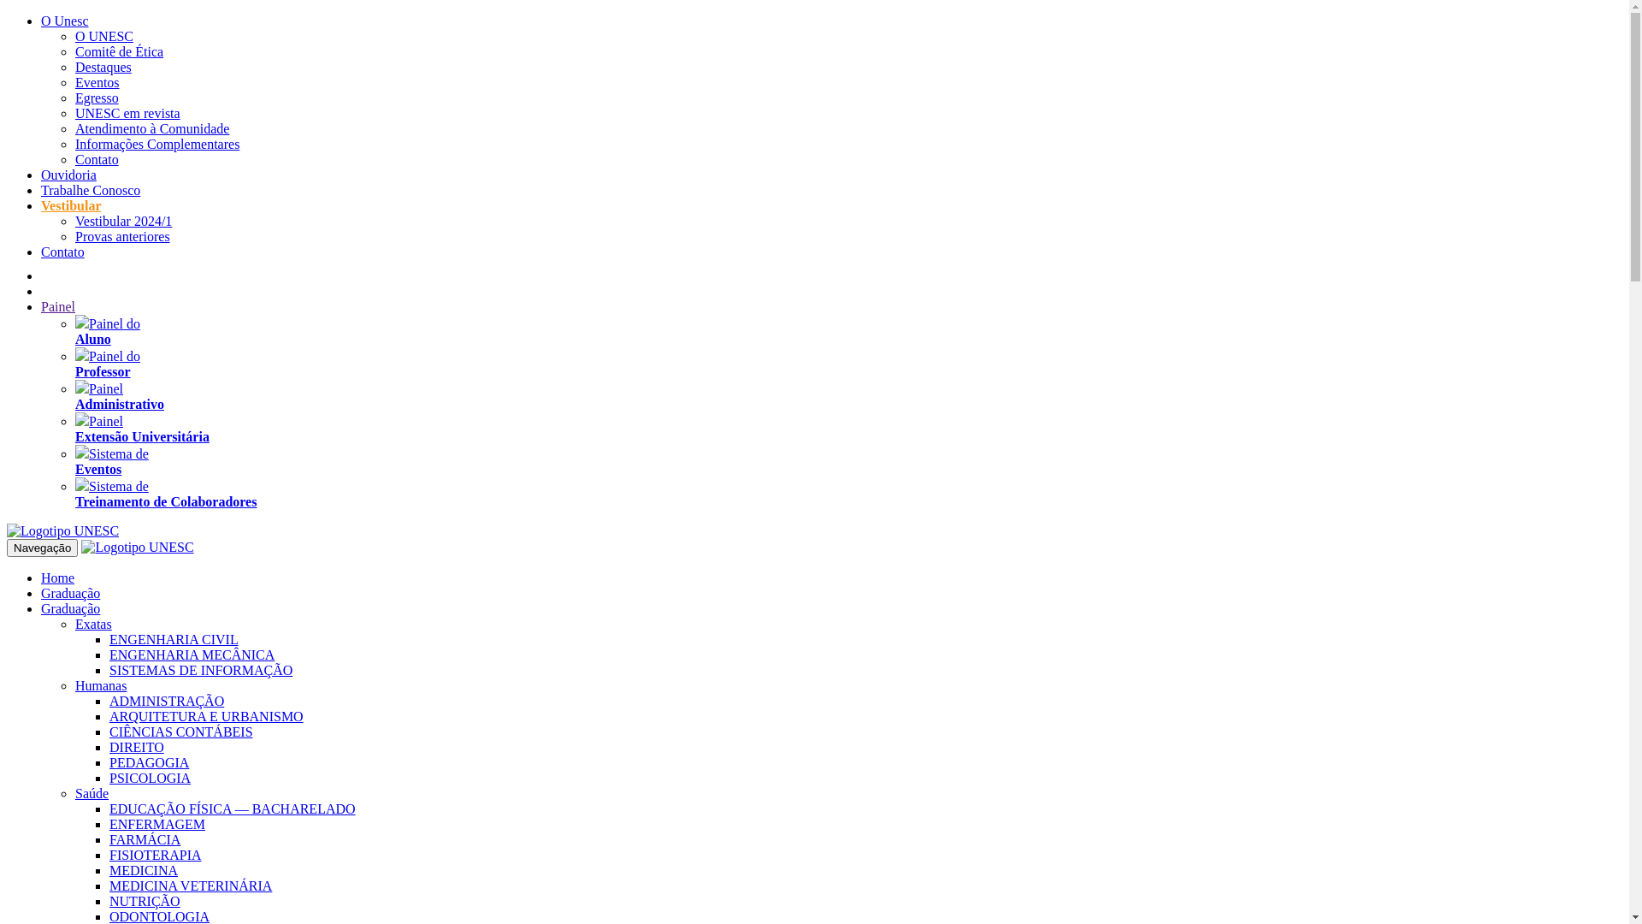  I want to click on 'MEDICINA', so click(144, 870).